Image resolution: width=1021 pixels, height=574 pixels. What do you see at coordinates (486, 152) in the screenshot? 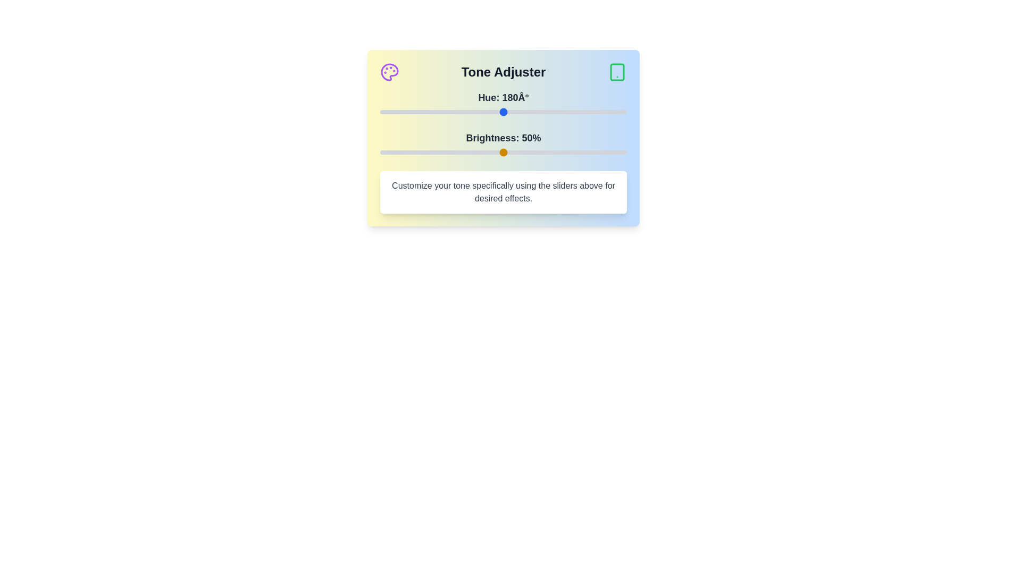
I see `the brightness slider to 43%` at bounding box center [486, 152].